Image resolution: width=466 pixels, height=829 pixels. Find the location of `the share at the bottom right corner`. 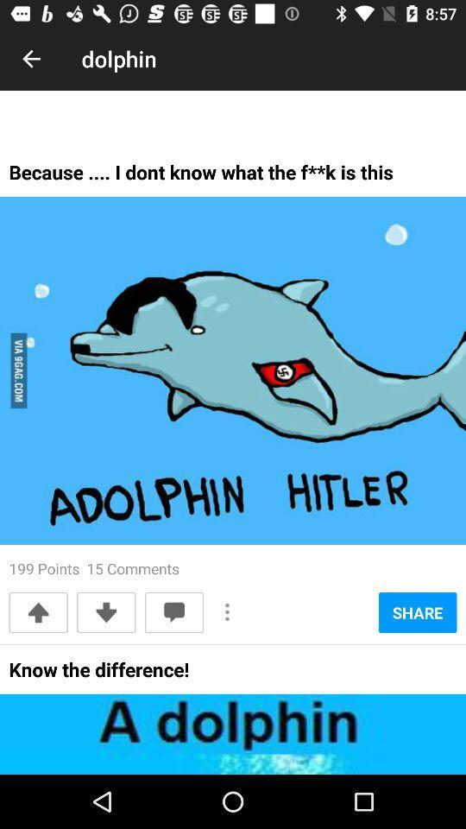

the share at the bottom right corner is located at coordinates (417, 612).